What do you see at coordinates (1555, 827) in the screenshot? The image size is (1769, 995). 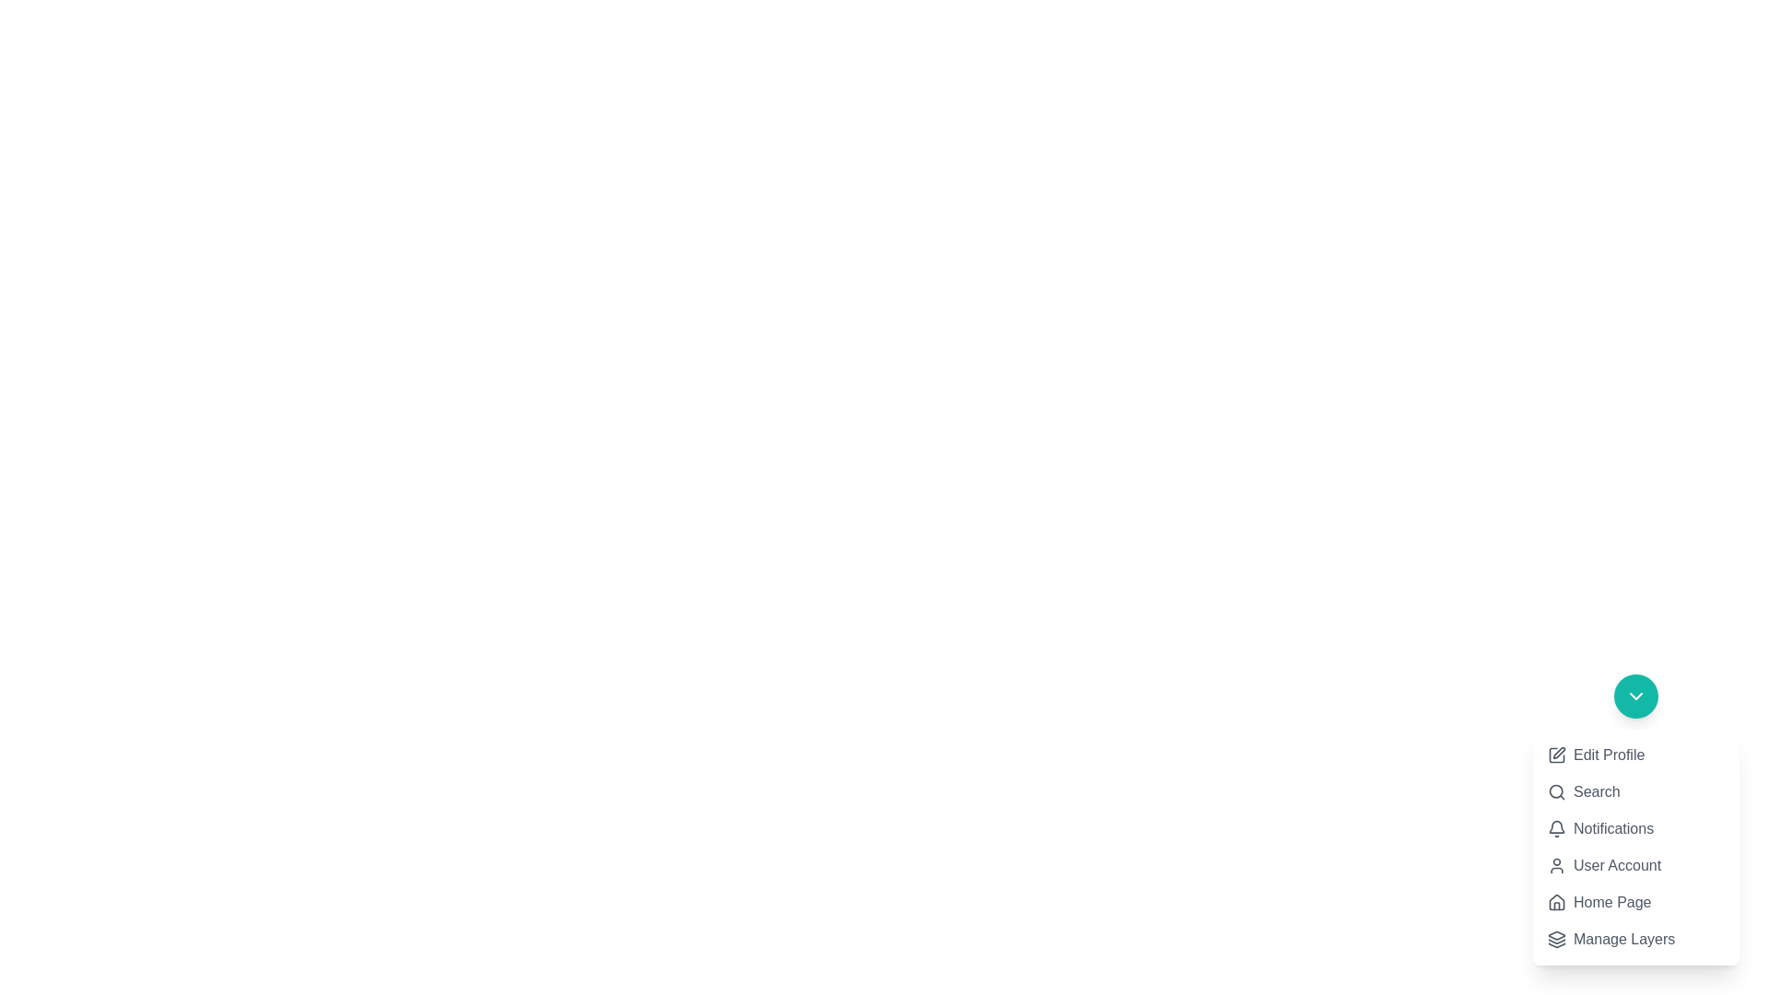 I see `the bell-shaped notification icon rendered in gray` at bounding box center [1555, 827].